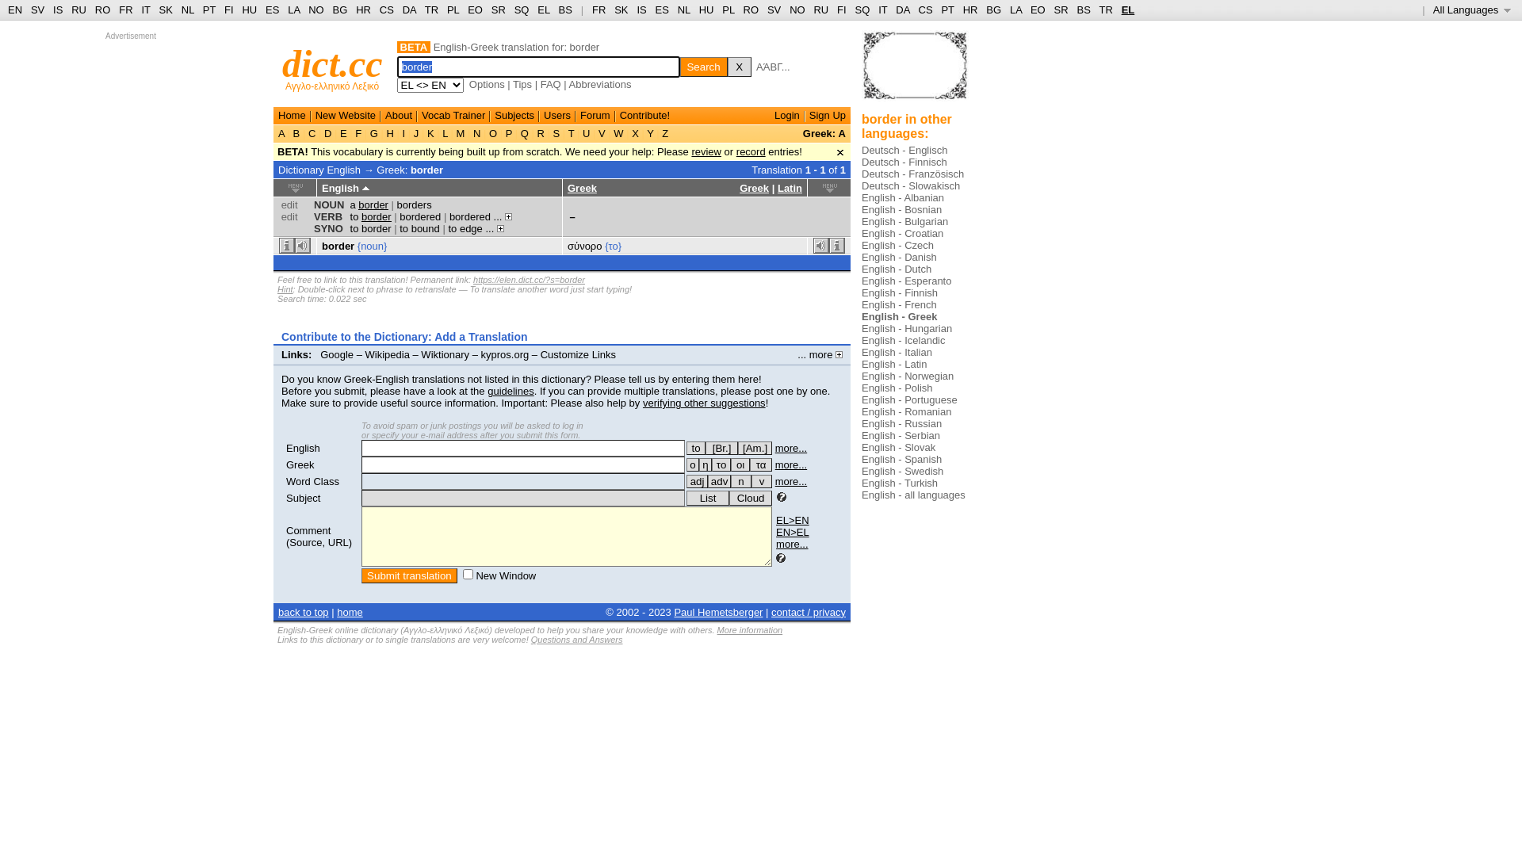 The height and width of the screenshot is (856, 1522). What do you see at coordinates (904, 221) in the screenshot?
I see `'English - Bulgarian'` at bounding box center [904, 221].